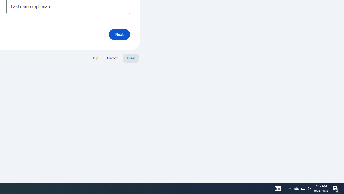 The width and height of the screenshot is (344, 194). What do you see at coordinates (119, 34) in the screenshot?
I see `'Next'` at bounding box center [119, 34].